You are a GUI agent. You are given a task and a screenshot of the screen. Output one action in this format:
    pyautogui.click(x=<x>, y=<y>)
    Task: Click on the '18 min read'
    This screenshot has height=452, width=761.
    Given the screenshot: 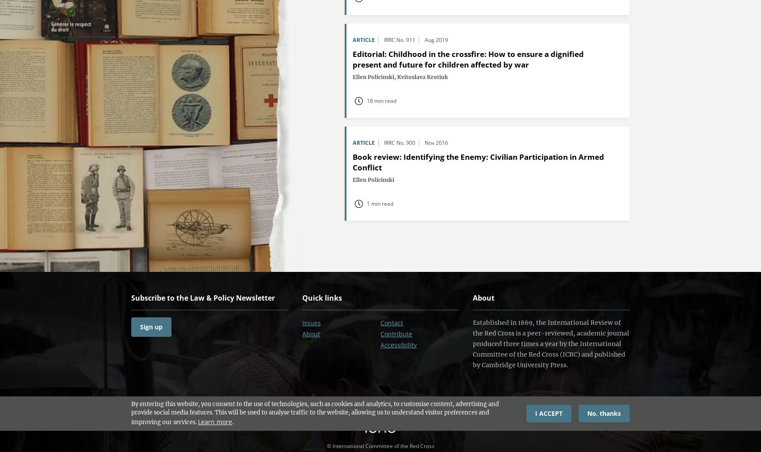 What is the action you would take?
    pyautogui.click(x=366, y=100)
    